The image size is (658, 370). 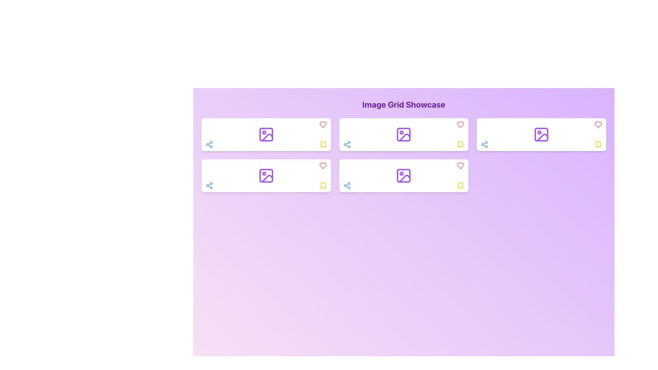 What do you see at coordinates (404, 135) in the screenshot?
I see `the purple rectangular block within the purple image placeholder icon, which is the second icon from the left in the top row of the grid layout` at bounding box center [404, 135].